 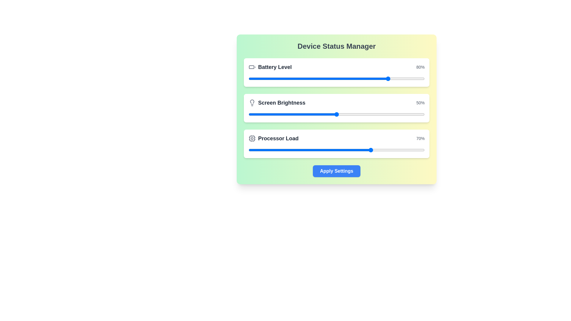 What do you see at coordinates (345, 114) in the screenshot?
I see `the brightness level` at bounding box center [345, 114].